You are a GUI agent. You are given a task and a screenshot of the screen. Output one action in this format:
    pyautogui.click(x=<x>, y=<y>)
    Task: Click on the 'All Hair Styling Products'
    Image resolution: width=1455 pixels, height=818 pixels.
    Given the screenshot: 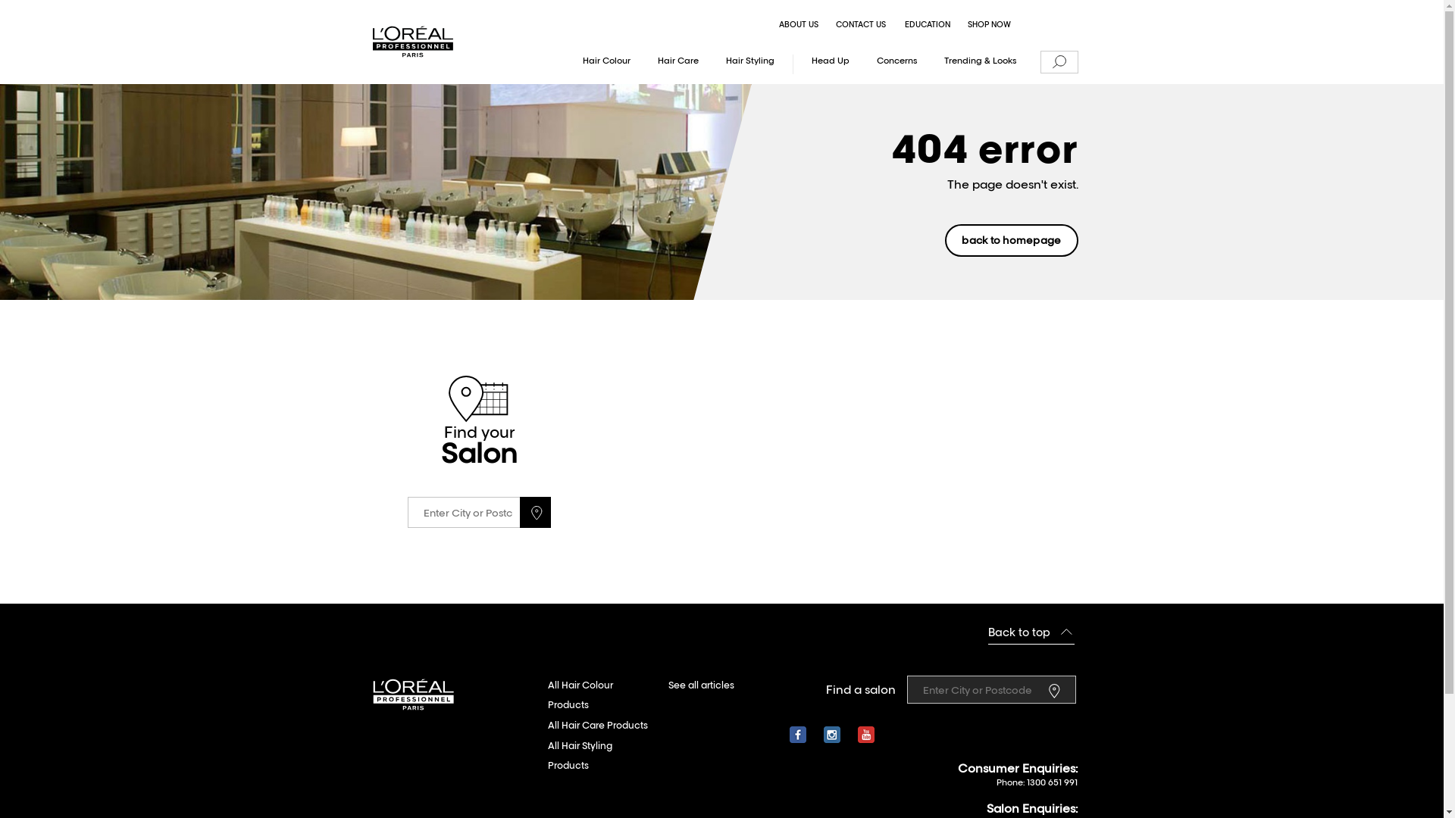 What is the action you would take?
    pyautogui.click(x=546, y=756)
    